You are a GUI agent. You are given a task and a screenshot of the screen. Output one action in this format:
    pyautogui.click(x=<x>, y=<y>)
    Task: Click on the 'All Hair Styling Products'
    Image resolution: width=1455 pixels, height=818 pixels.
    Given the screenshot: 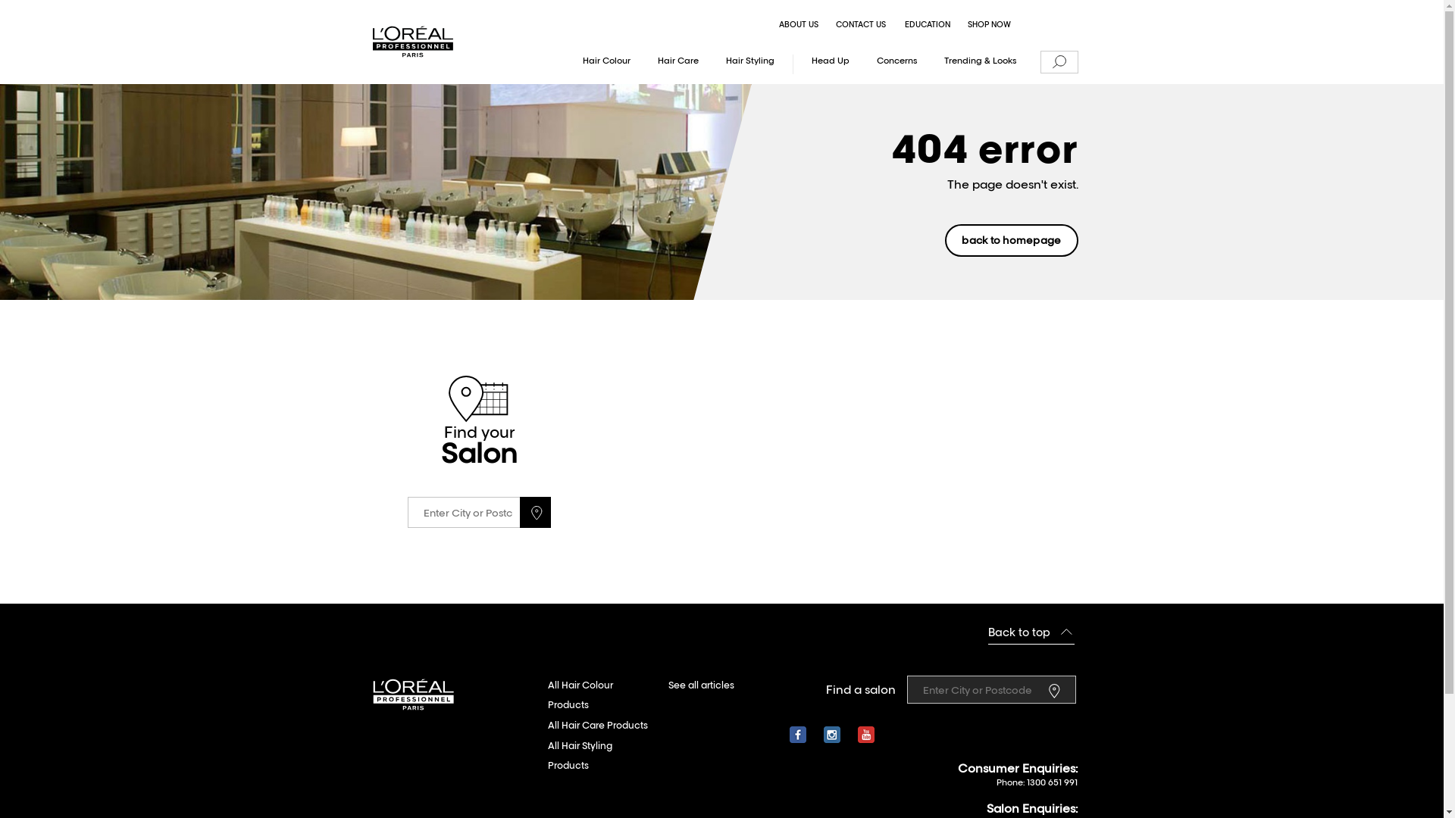 What is the action you would take?
    pyautogui.click(x=546, y=756)
    